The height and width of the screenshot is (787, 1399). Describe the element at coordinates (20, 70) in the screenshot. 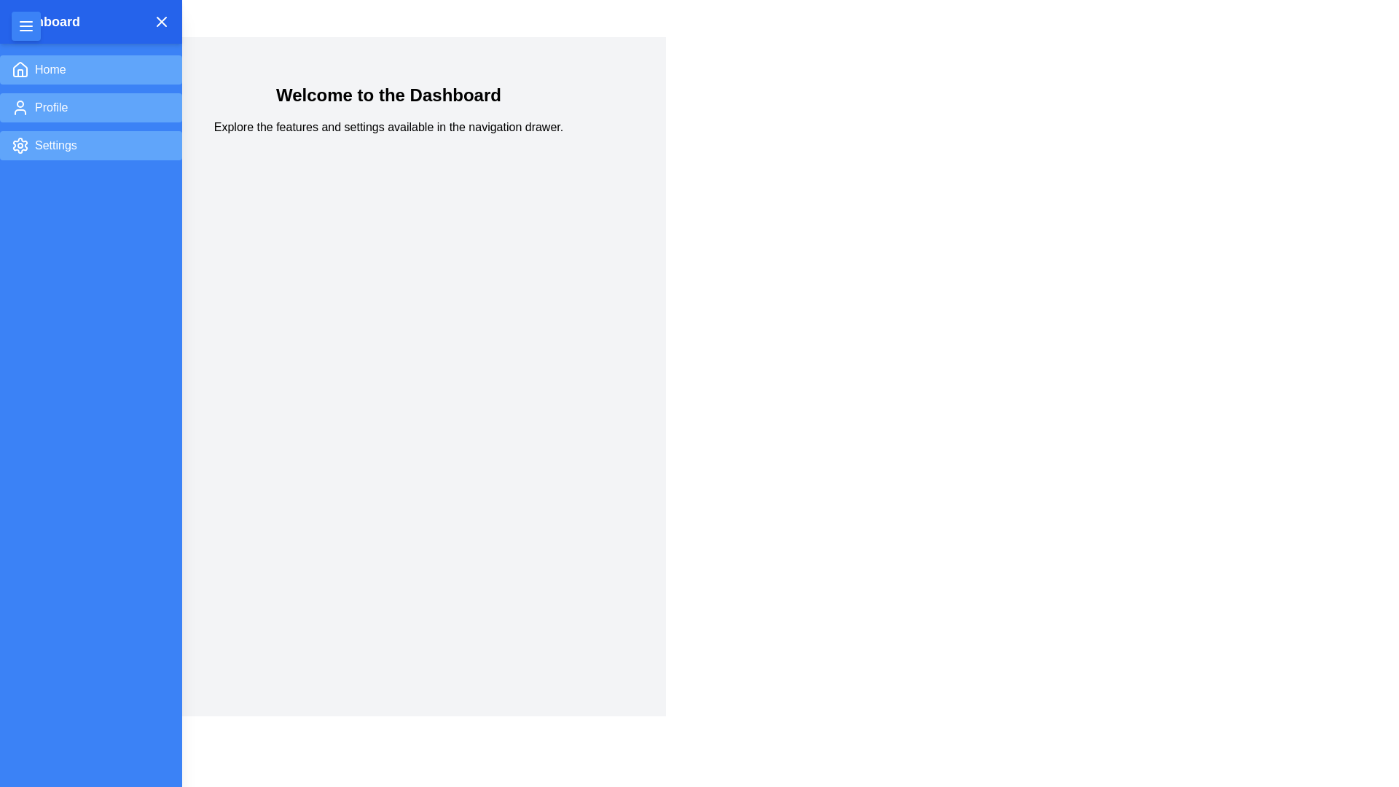

I see `the 'Home' navigation icon located in the left navigation menu, which is the first element in the vertical list and positioned to the left of the text 'Home'` at that location.